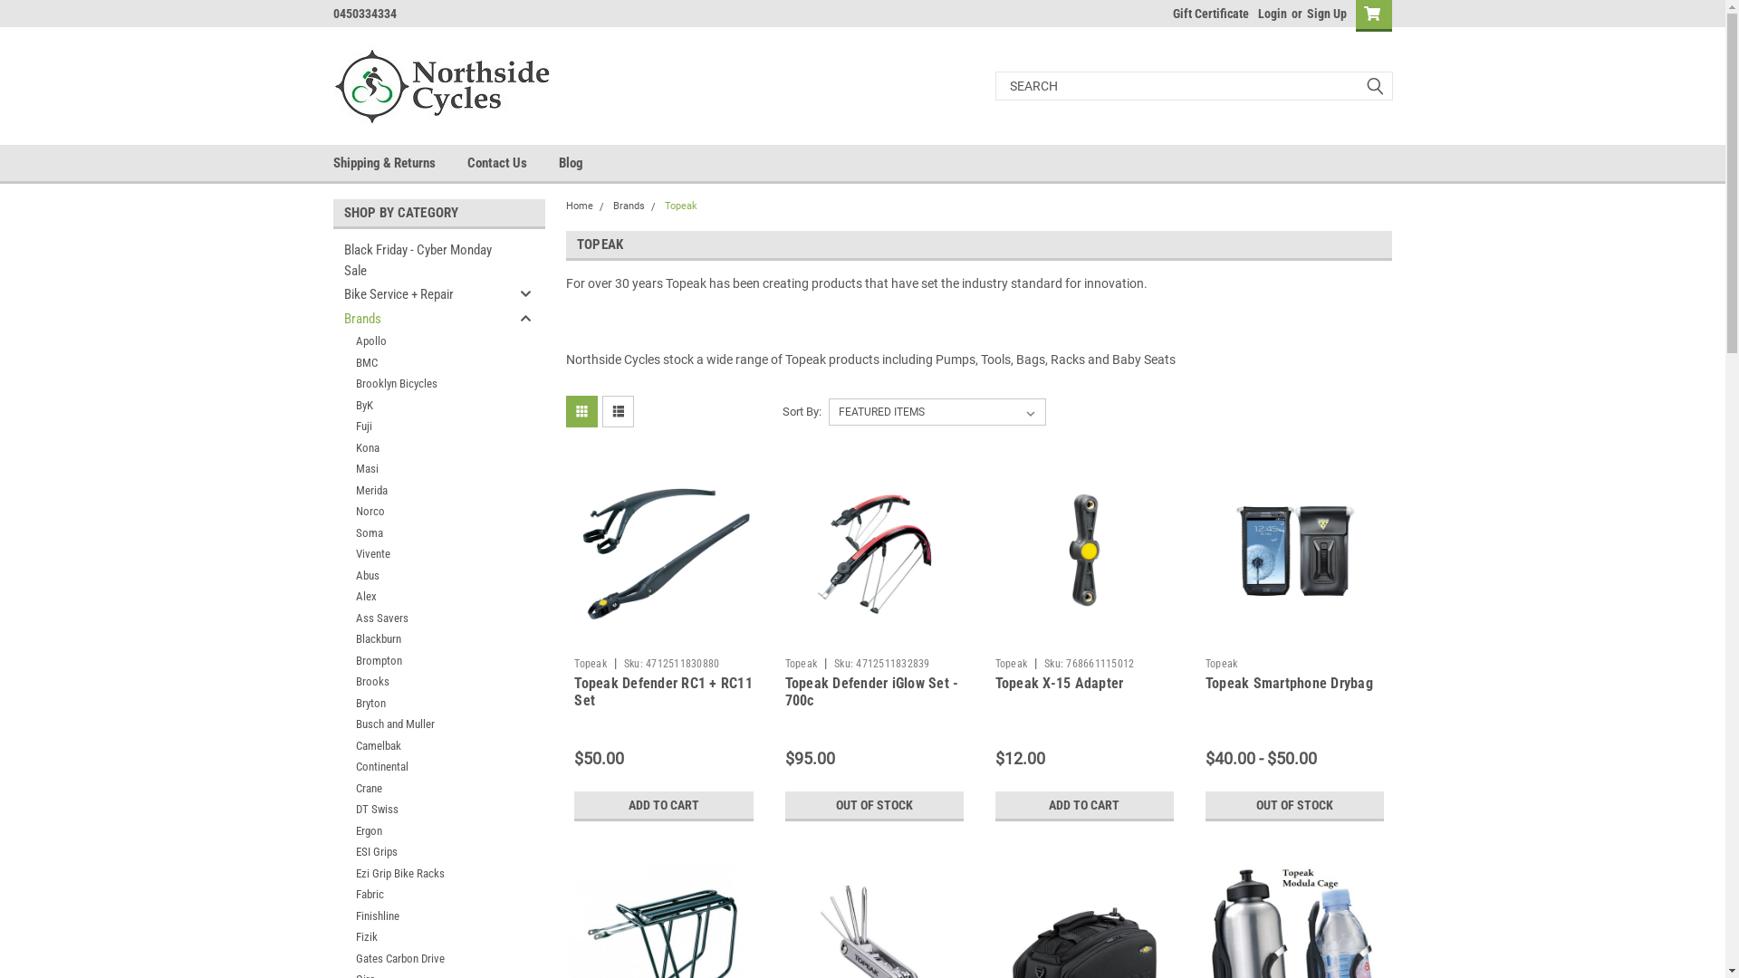  Describe the element at coordinates (333, 936) in the screenshot. I see `'Fizik'` at that location.